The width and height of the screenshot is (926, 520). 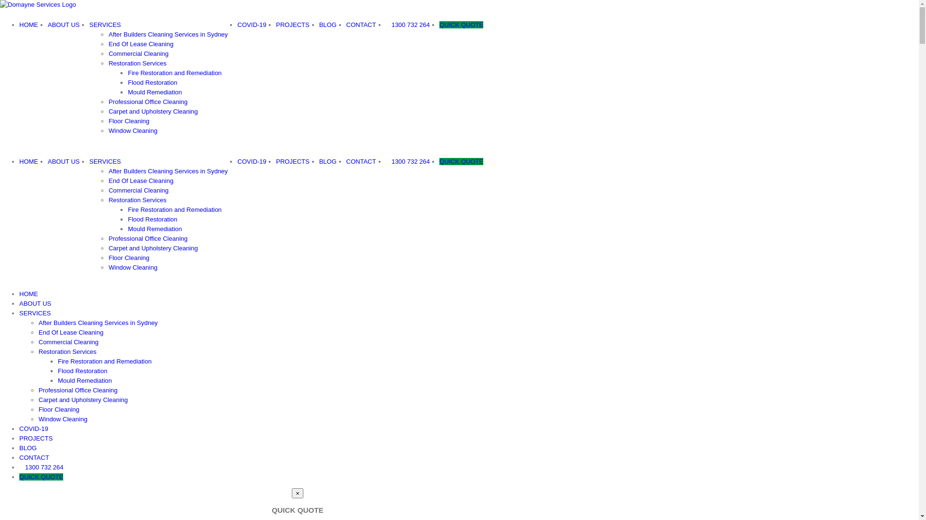 What do you see at coordinates (140, 44) in the screenshot?
I see `'End Of Lease Cleaning'` at bounding box center [140, 44].